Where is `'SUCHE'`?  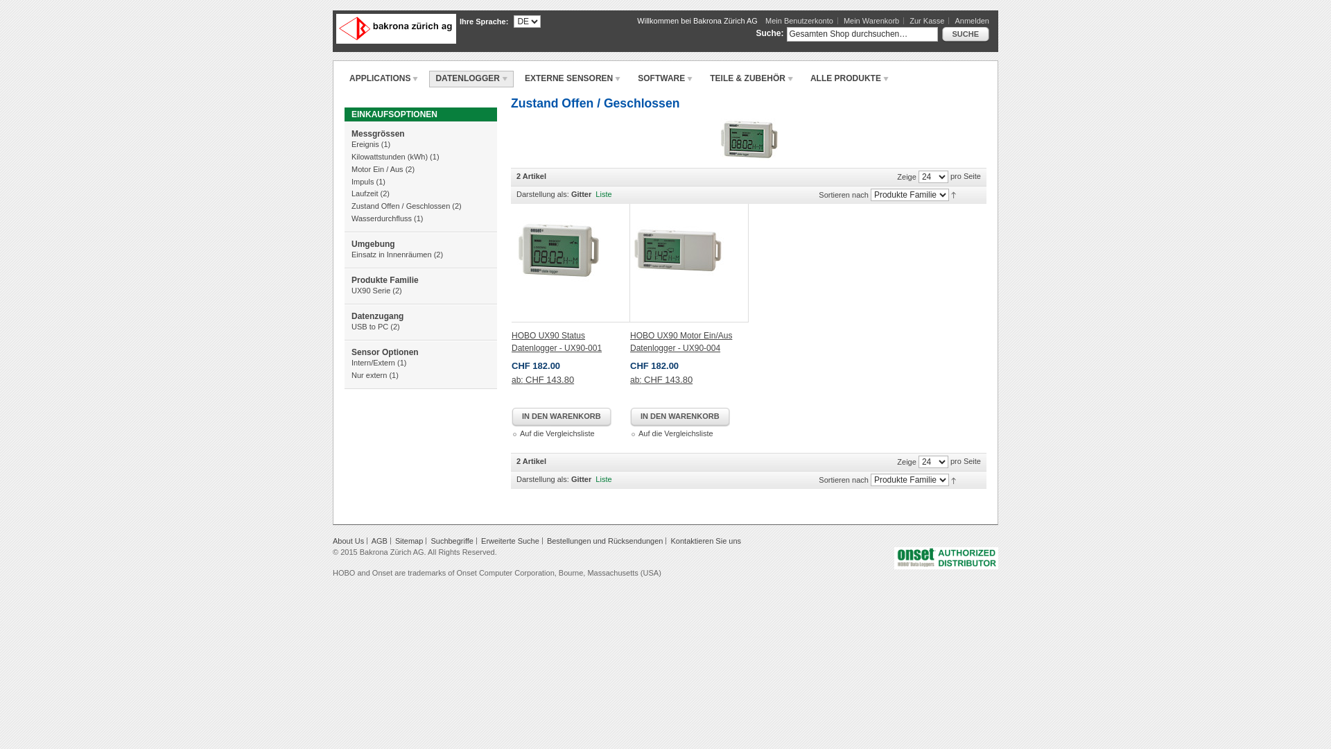
'SUCHE' is located at coordinates (941, 34).